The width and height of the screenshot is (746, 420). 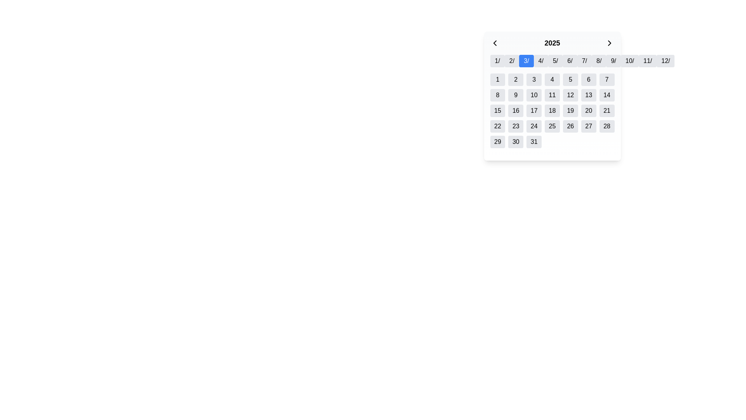 What do you see at coordinates (589, 126) in the screenshot?
I see `the button displaying the number '27' in the calendar grid` at bounding box center [589, 126].